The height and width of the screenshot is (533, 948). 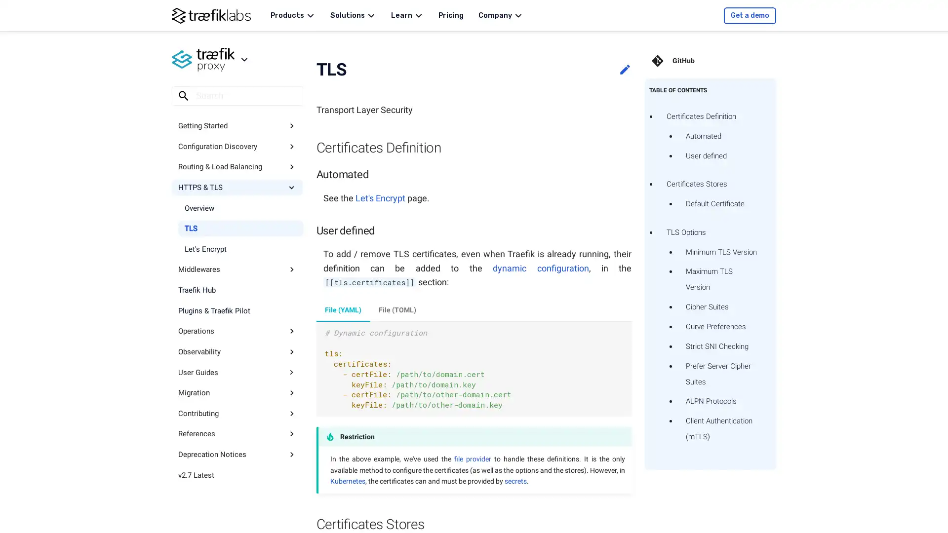 I want to click on Clear, so click(x=525, y=13).